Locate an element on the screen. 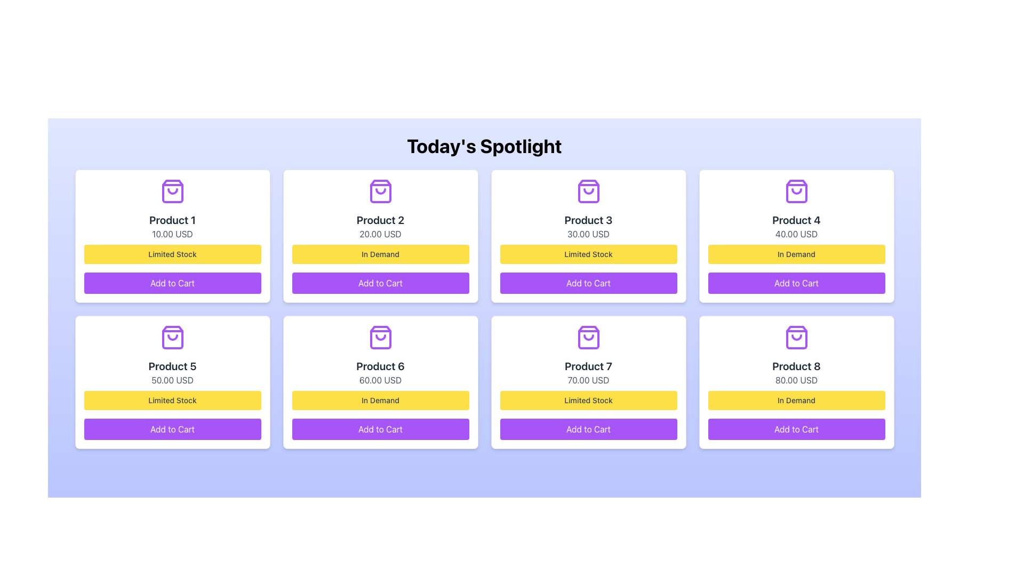  the purple shopping bag SVG icon located at the top section of the 'Product 2' card, which is horizontally centered within the card is located at coordinates (380, 190).